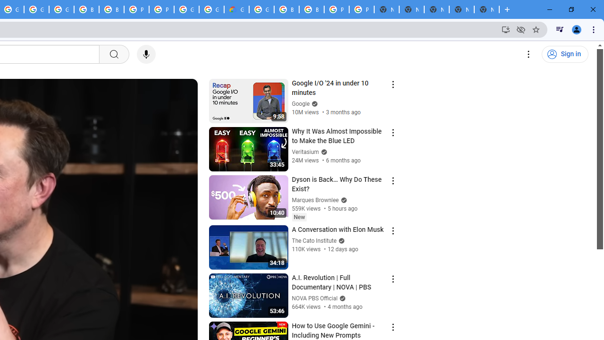  Describe the element at coordinates (145, 54) in the screenshot. I see `'Search with your voice'` at that location.